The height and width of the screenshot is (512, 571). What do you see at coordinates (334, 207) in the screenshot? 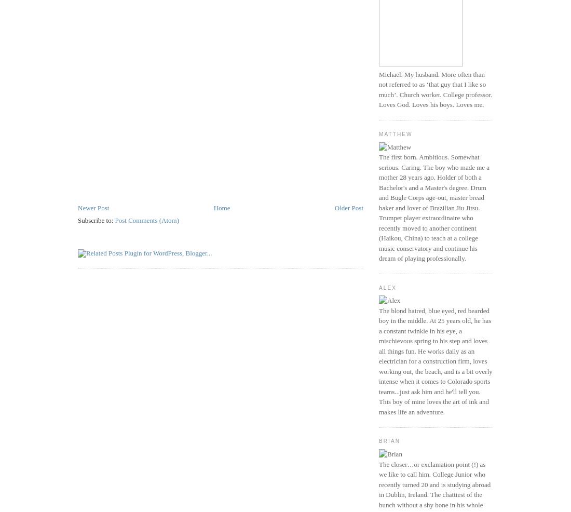
I see `'Older Post'` at bounding box center [334, 207].